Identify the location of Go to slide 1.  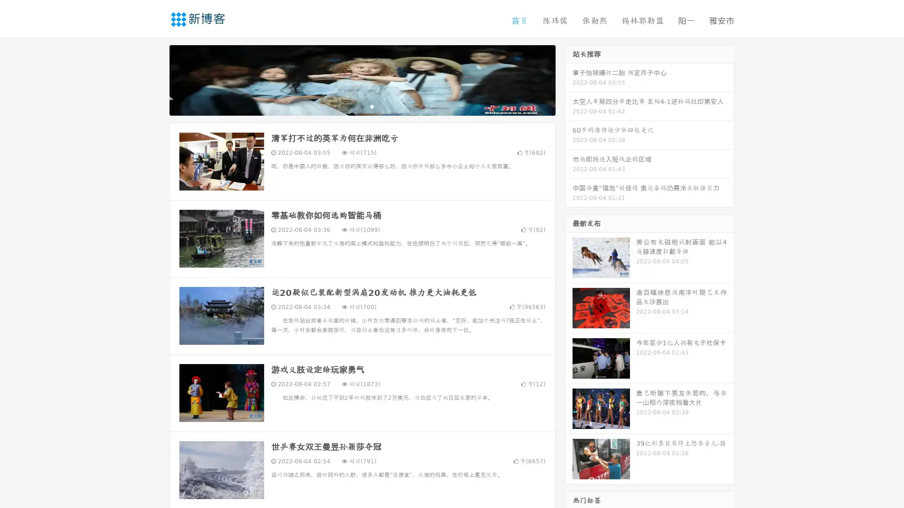
(352, 106).